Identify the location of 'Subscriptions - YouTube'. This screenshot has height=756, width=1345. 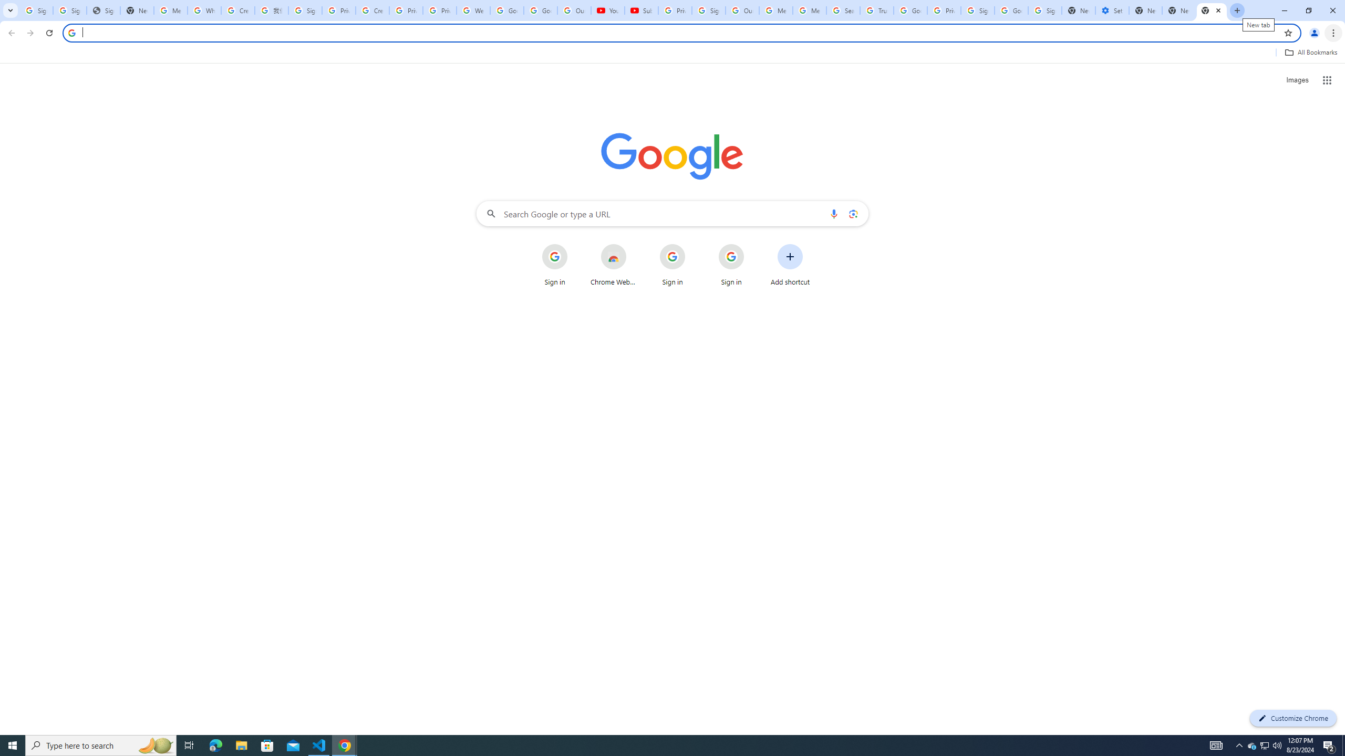
(641, 10).